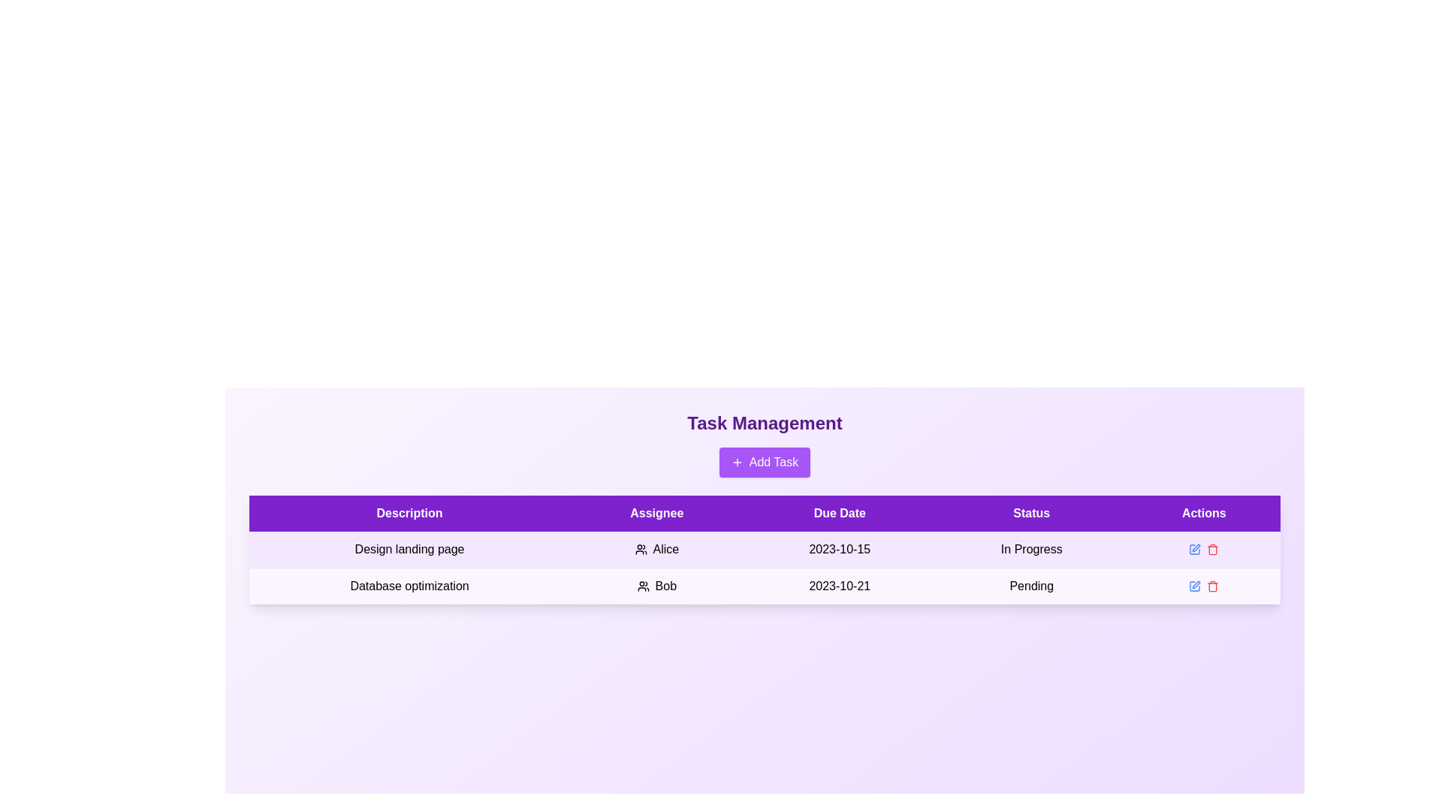 The image size is (1442, 811). I want to click on the text label reading 'Database optimization' which is aligned to the left in the second row of a table under the 'Description' column, so click(409, 585).